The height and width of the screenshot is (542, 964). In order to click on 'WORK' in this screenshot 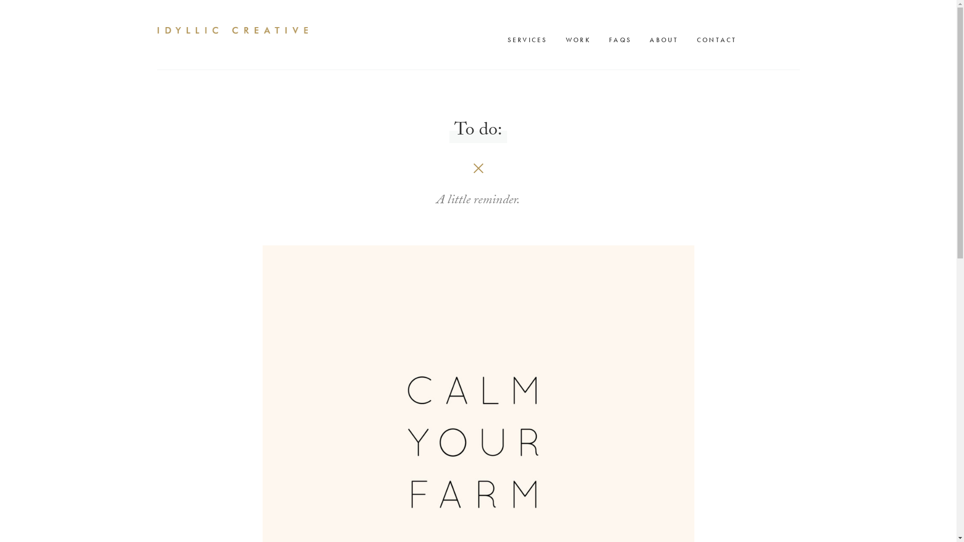, I will do `click(580, 39)`.